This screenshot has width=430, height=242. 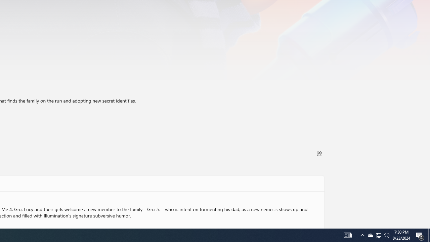 I want to click on 'Share', so click(x=319, y=153).